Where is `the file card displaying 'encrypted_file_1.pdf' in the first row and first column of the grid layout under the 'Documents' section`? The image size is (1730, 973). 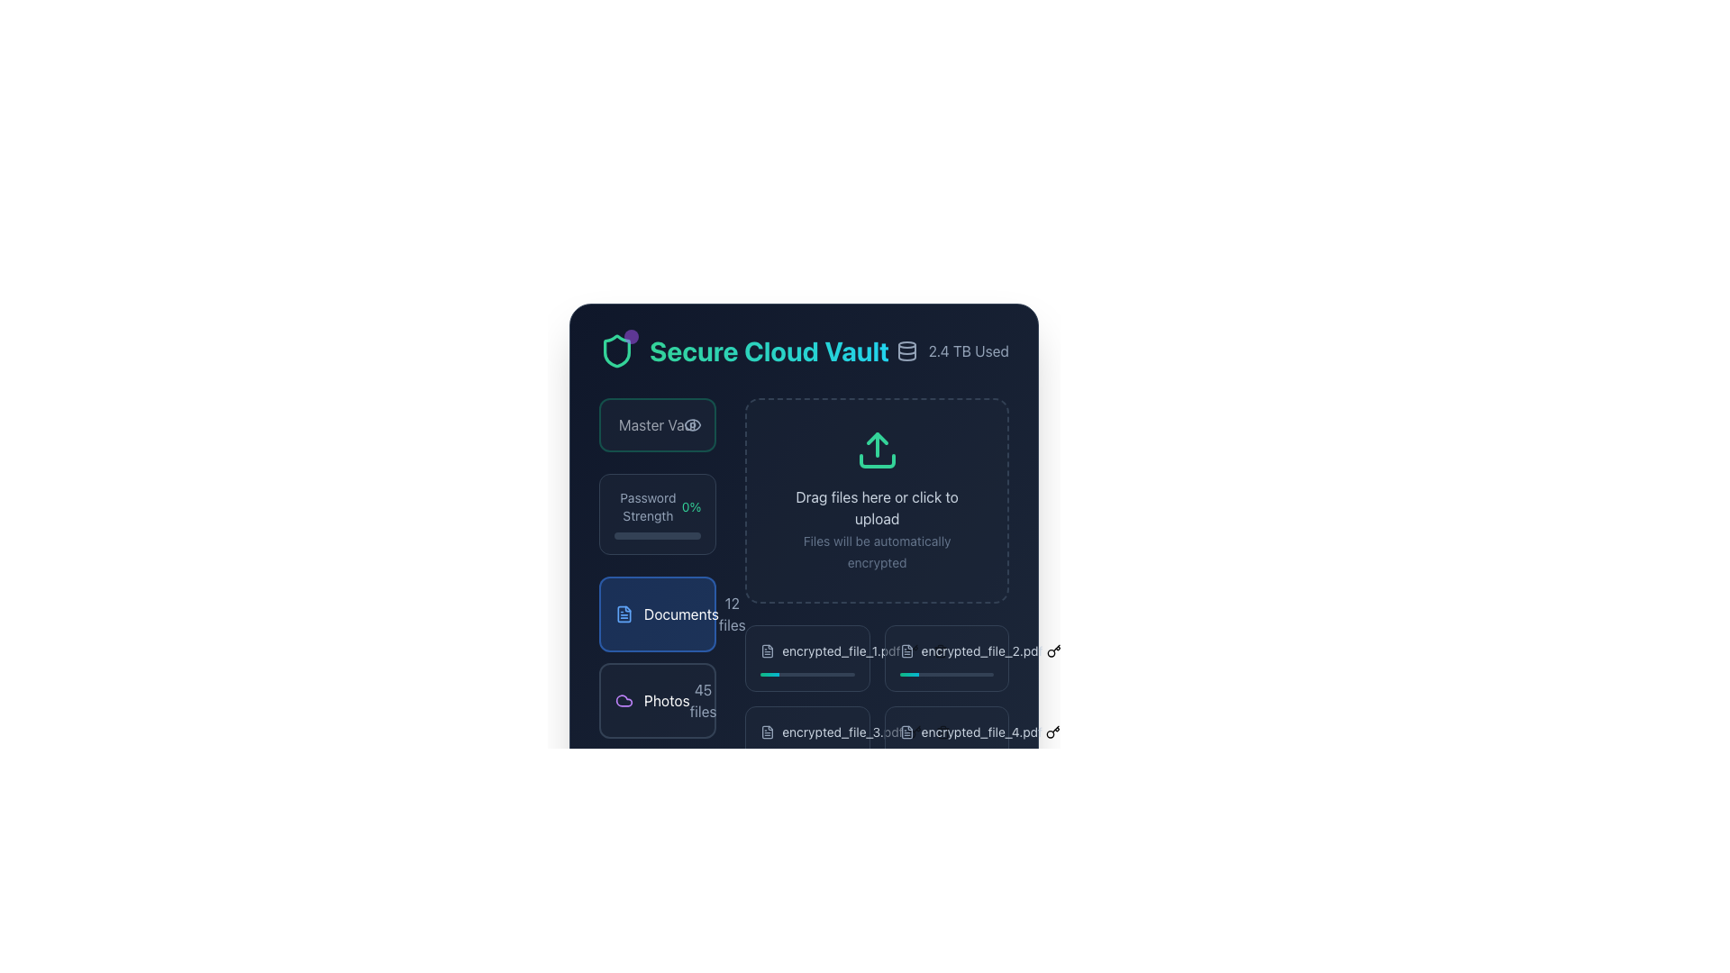 the file card displaying 'encrypted_file_1.pdf' in the first row and first column of the grid layout under the 'Documents' section is located at coordinates (806, 659).